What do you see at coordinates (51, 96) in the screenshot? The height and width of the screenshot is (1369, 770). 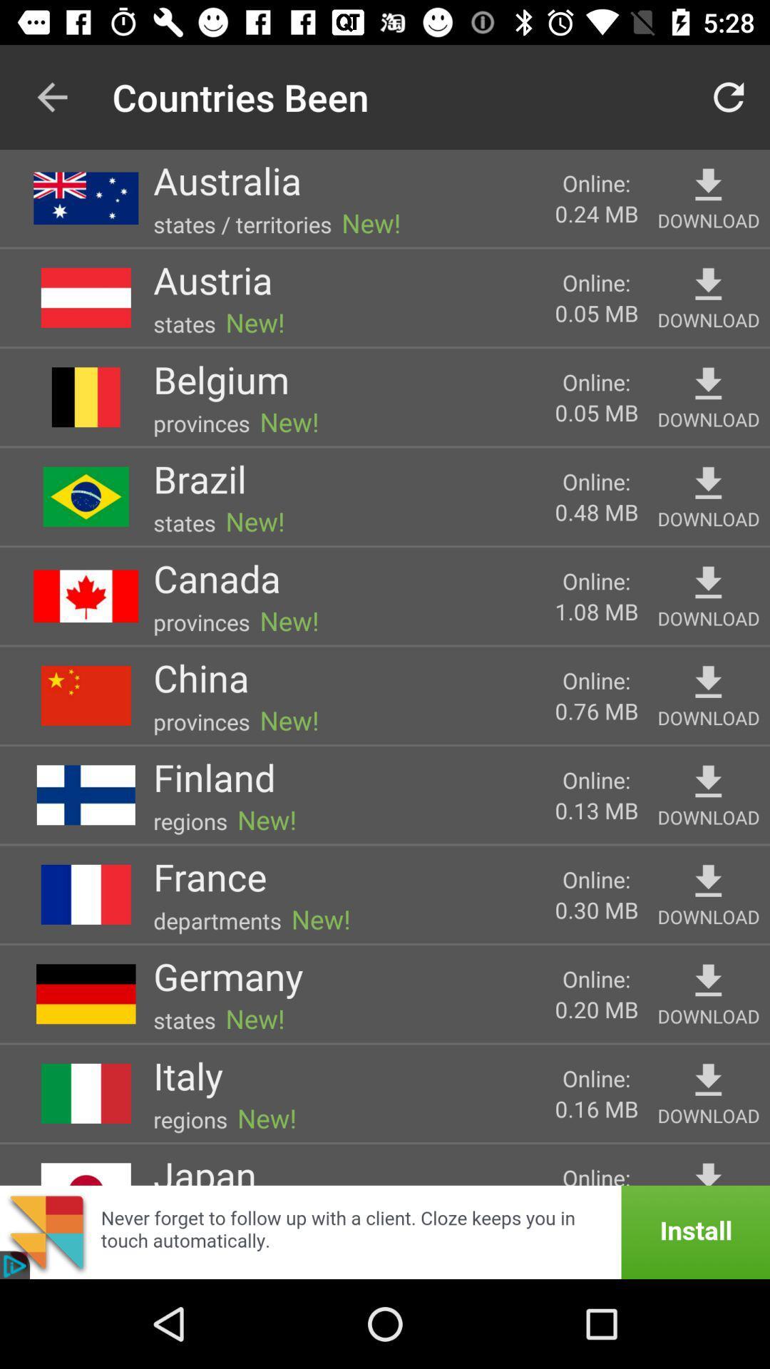 I see `the icon next to countries been app` at bounding box center [51, 96].